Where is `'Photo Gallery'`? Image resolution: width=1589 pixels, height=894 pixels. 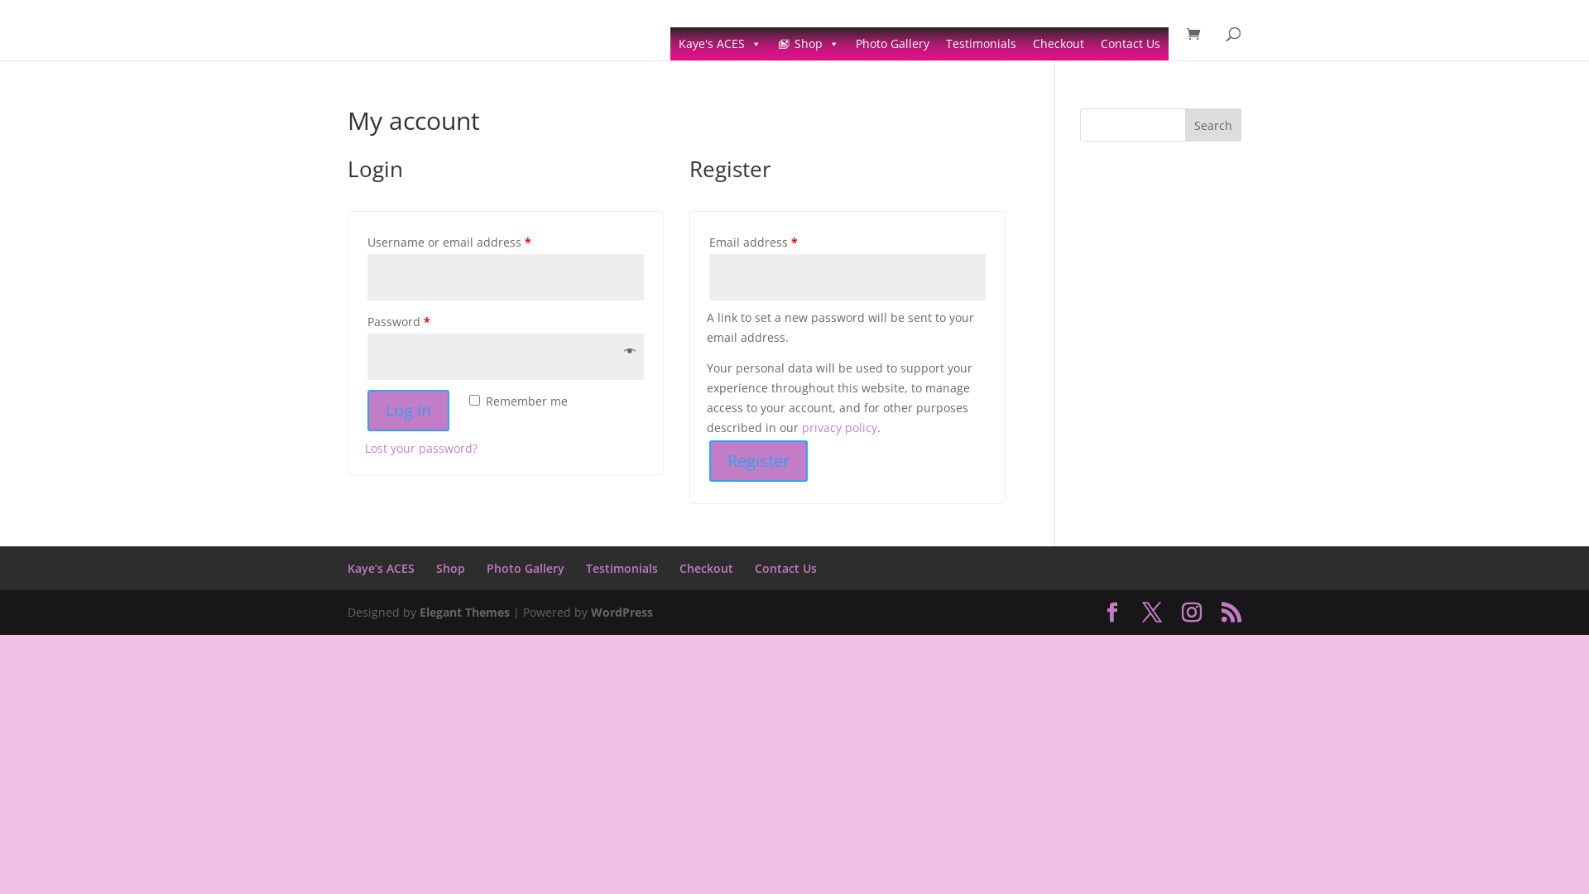 'Photo Gallery' is located at coordinates (891, 43).